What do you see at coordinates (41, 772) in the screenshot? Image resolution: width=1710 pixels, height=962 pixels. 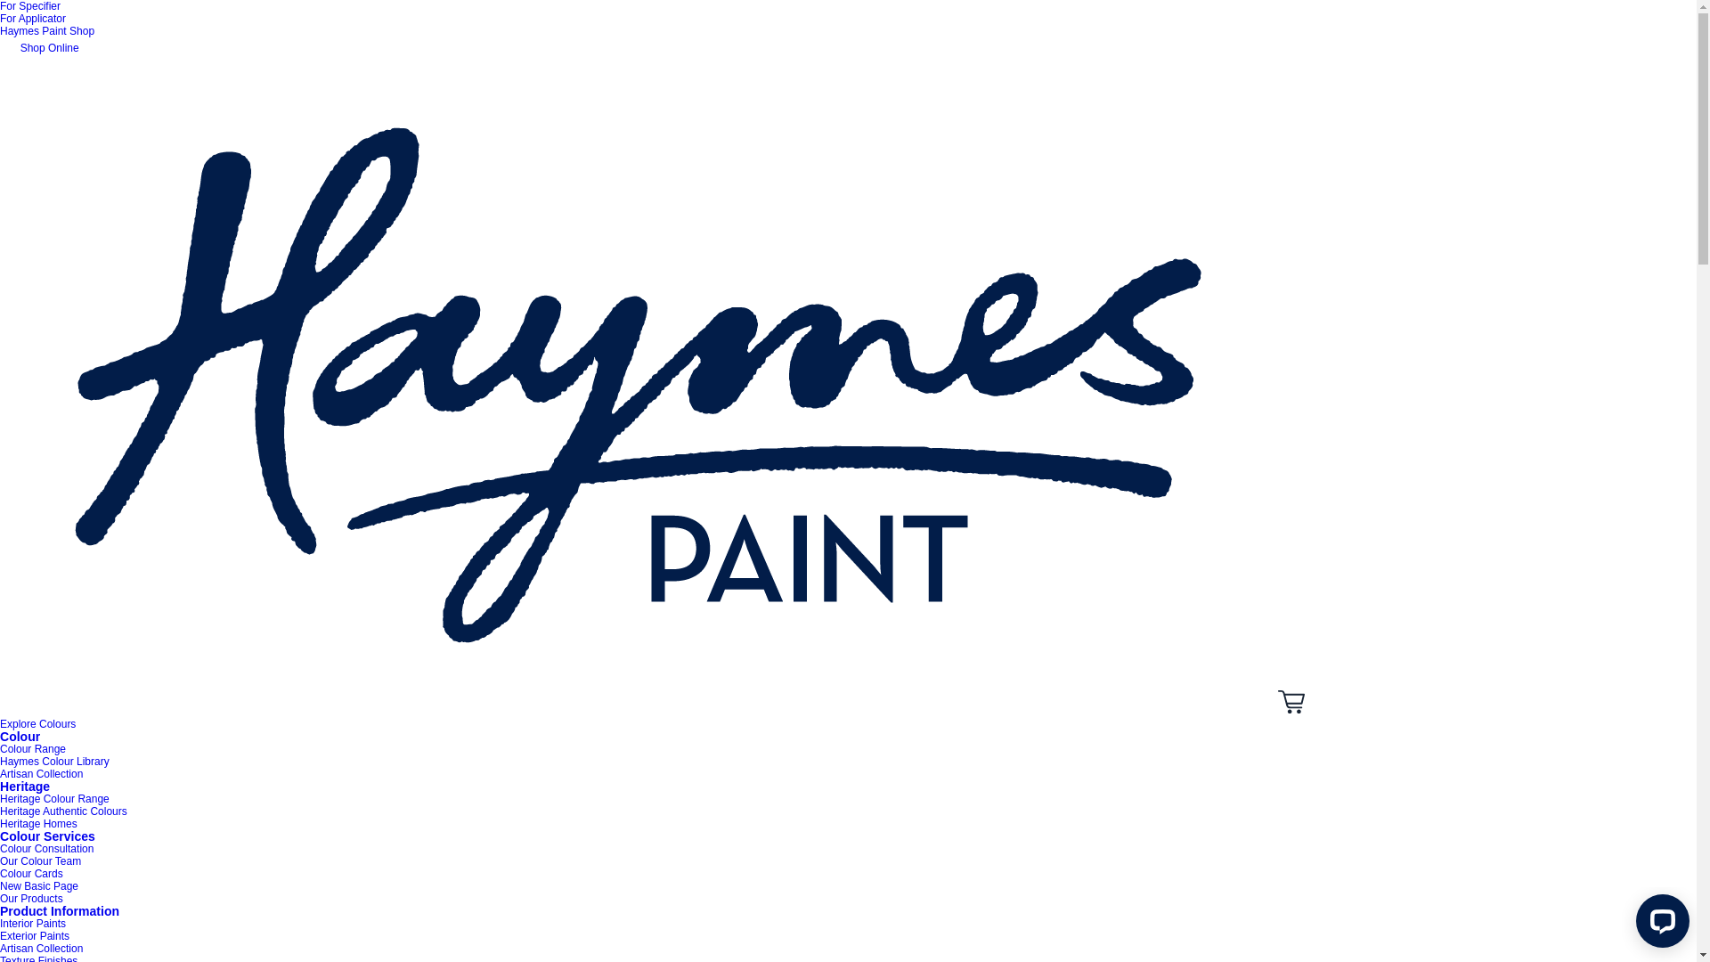 I see `'Artisan Collection'` at bounding box center [41, 772].